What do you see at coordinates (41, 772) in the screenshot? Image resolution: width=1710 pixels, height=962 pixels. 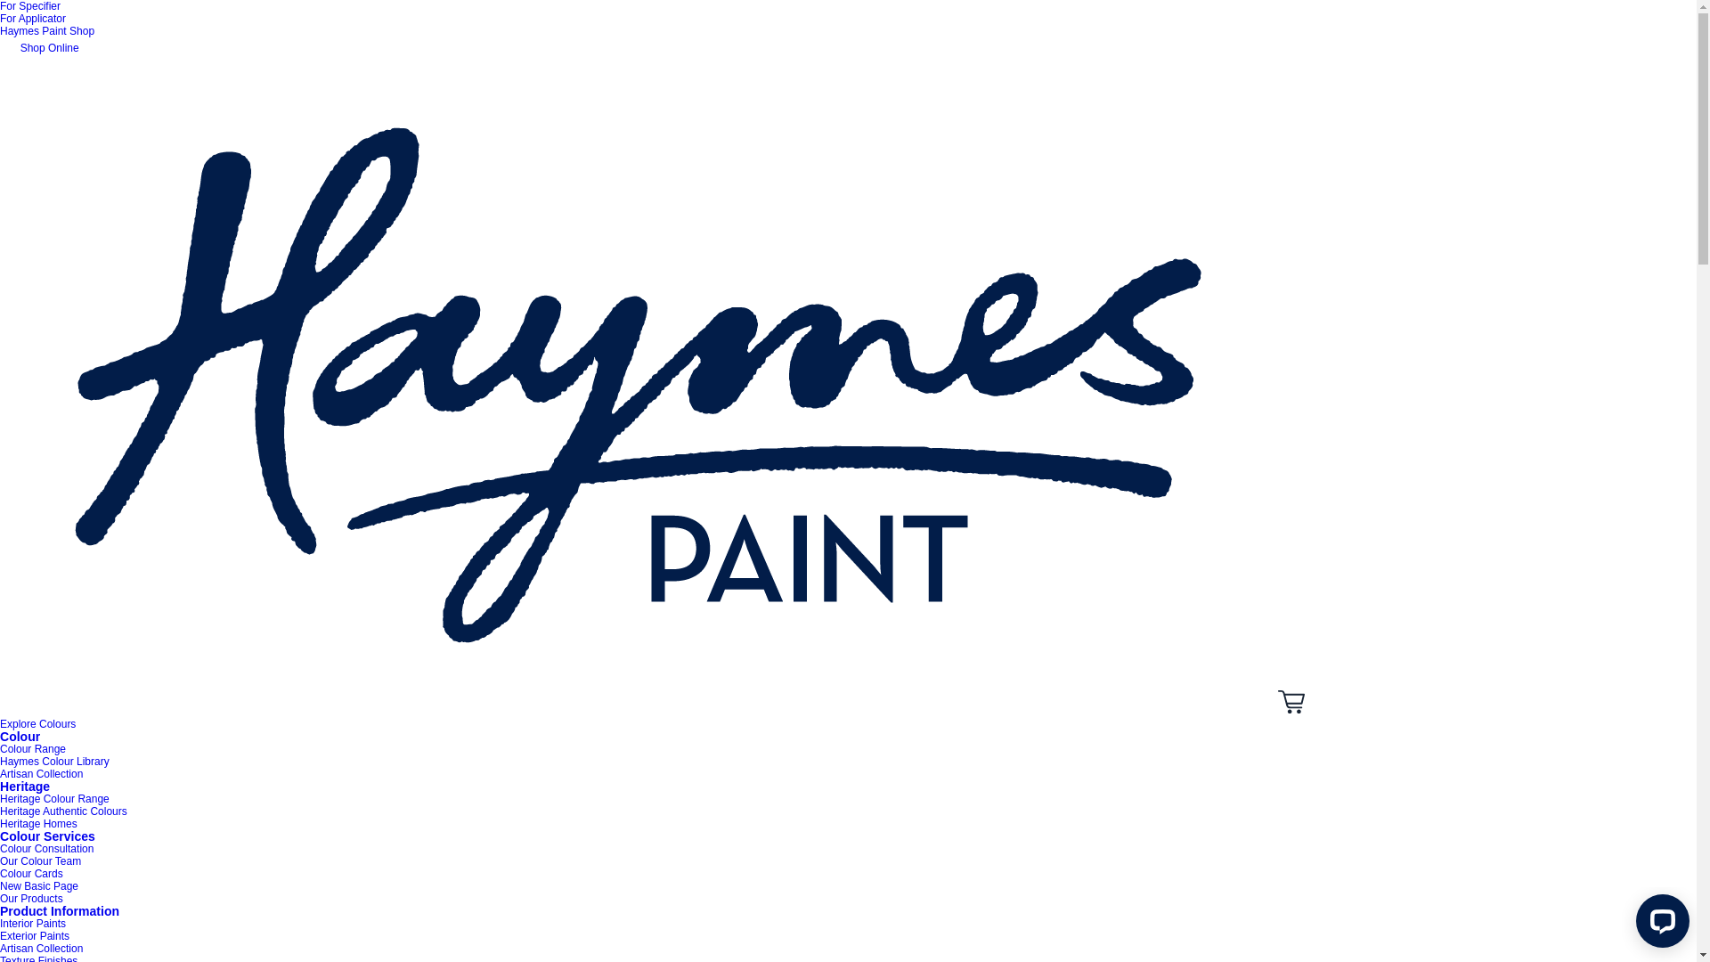 I see `'Artisan Collection'` at bounding box center [41, 772].